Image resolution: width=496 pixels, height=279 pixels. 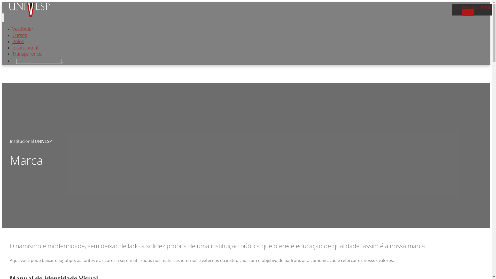 I want to click on 'Aluno', so click(x=468, y=12).